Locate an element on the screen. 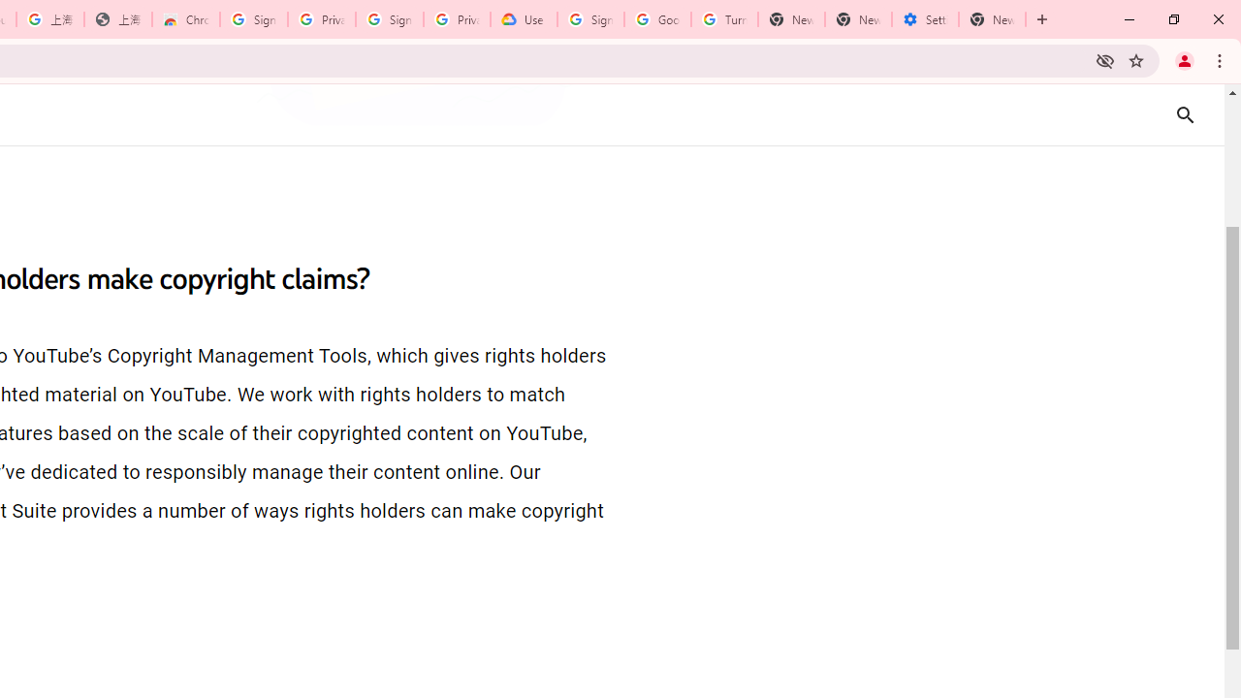 The image size is (1241, 698). 'Close' is located at coordinates (1217, 19).